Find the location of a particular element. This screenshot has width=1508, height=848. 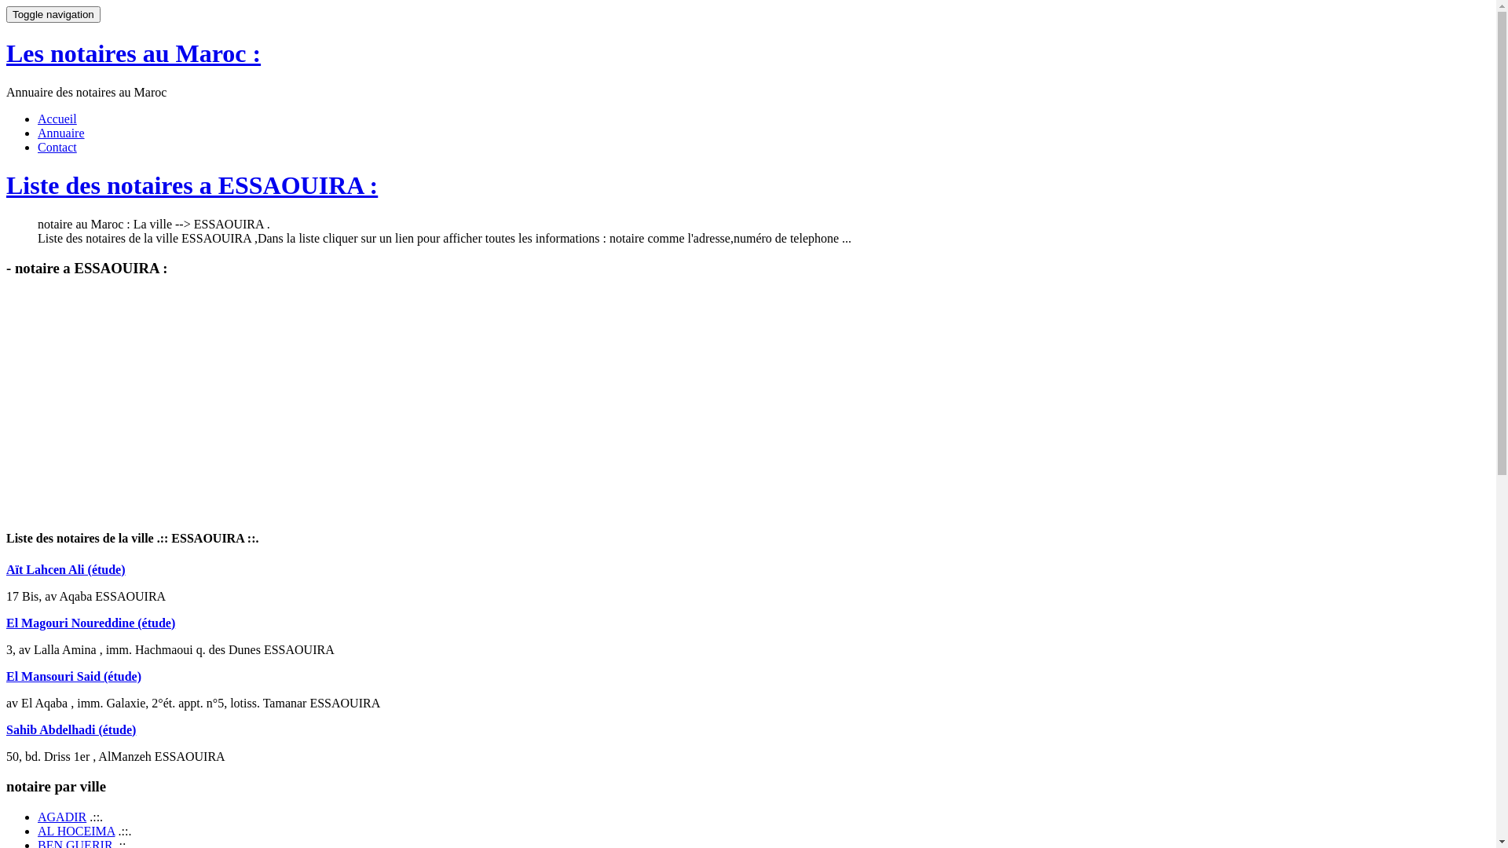

'Toggle navigation' is located at coordinates (6, 14).